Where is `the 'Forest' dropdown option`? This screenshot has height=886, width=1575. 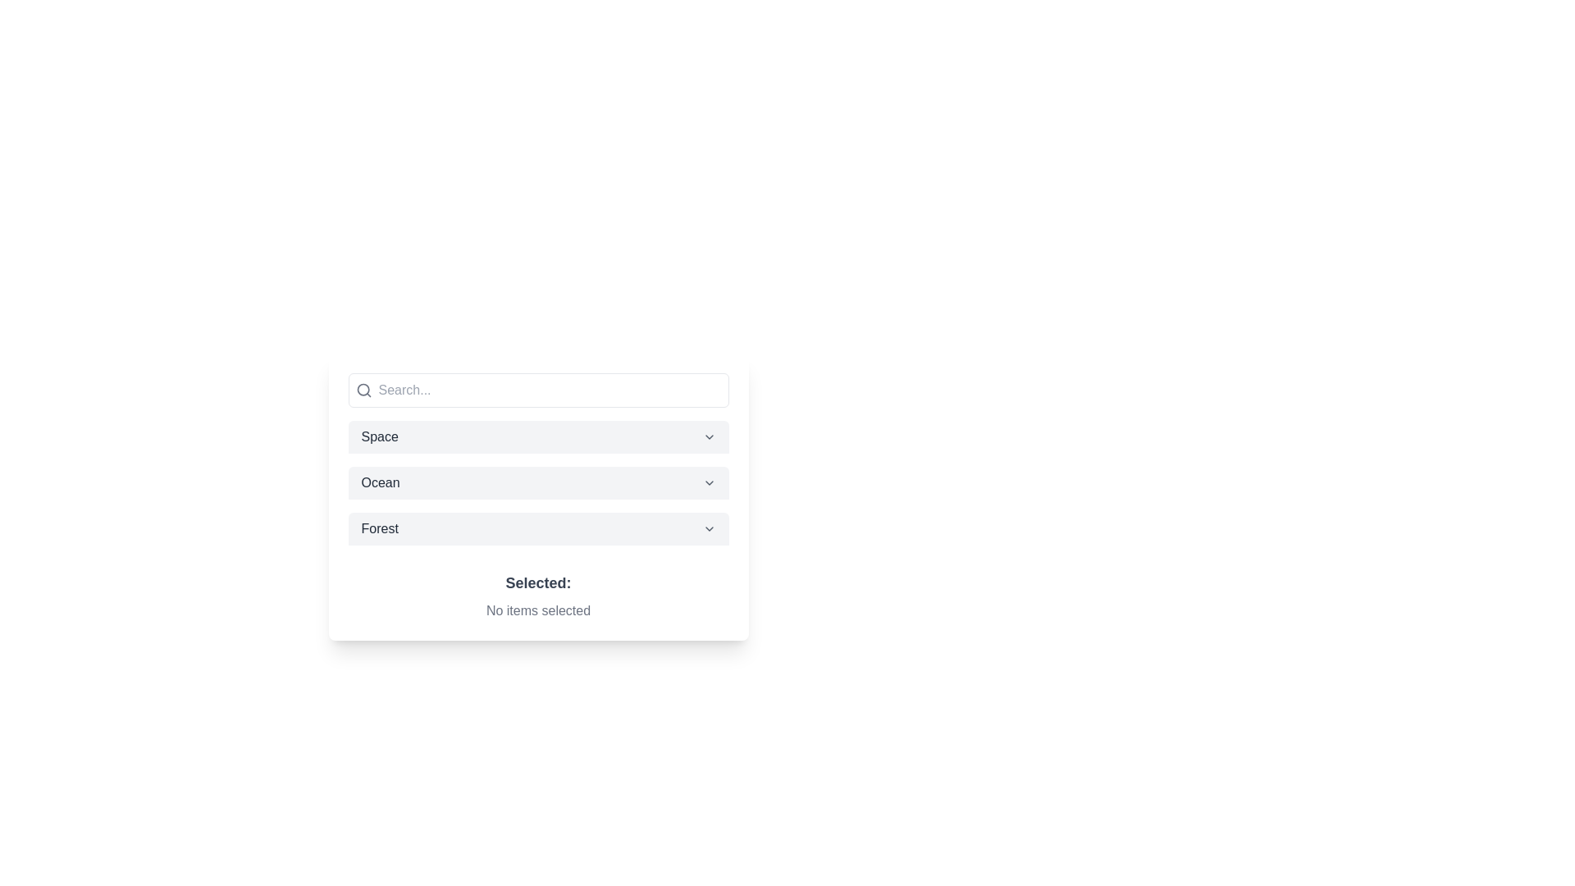 the 'Forest' dropdown option is located at coordinates (538, 528).